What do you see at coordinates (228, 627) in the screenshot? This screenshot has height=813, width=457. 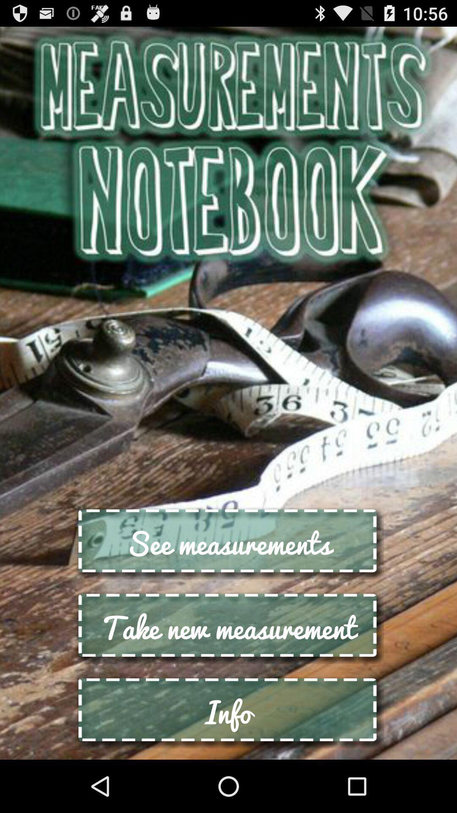 I see `the item above the info` at bounding box center [228, 627].